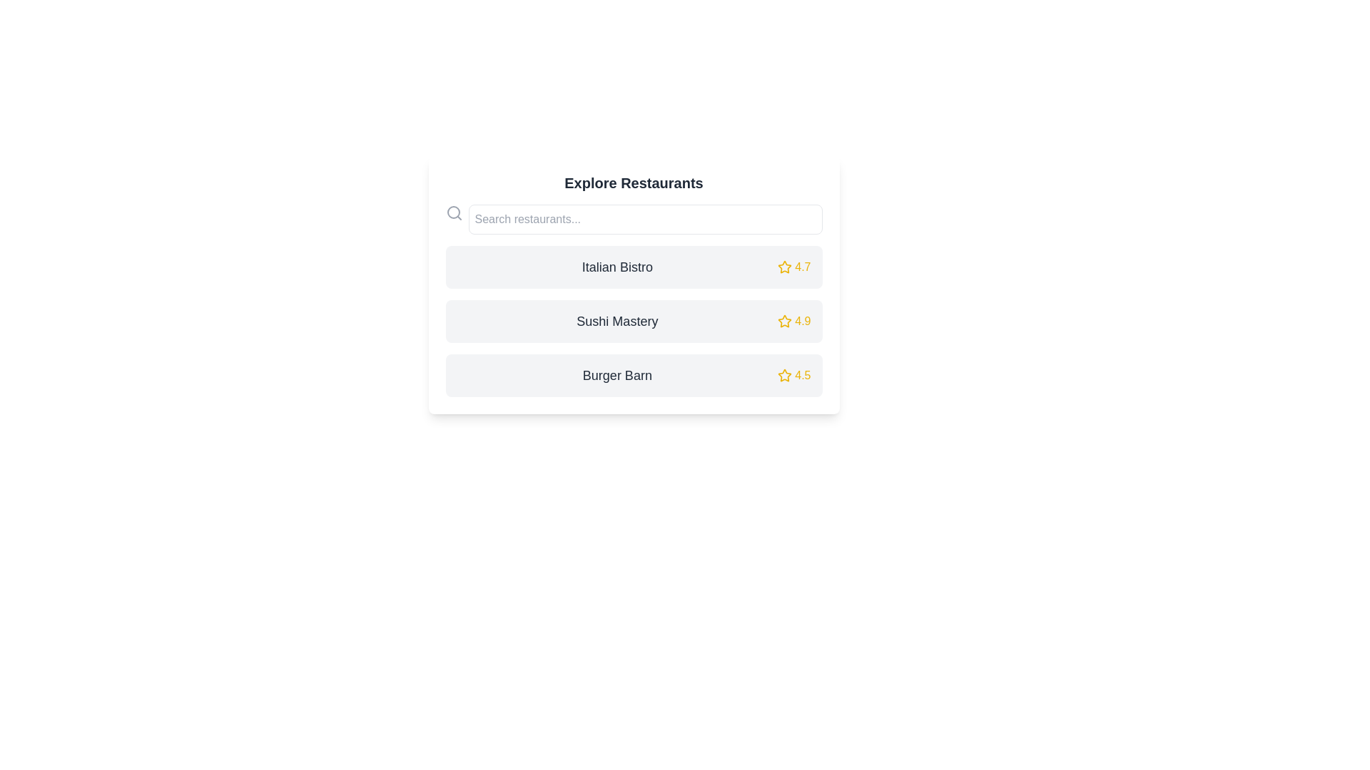 The width and height of the screenshot is (1370, 770). What do you see at coordinates (453, 213) in the screenshot?
I see `the gray magnifying glass icon, which is located at the left end of the horizontal row adjacent to the 'Search restaurants...' text field` at bounding box center [453, 213].